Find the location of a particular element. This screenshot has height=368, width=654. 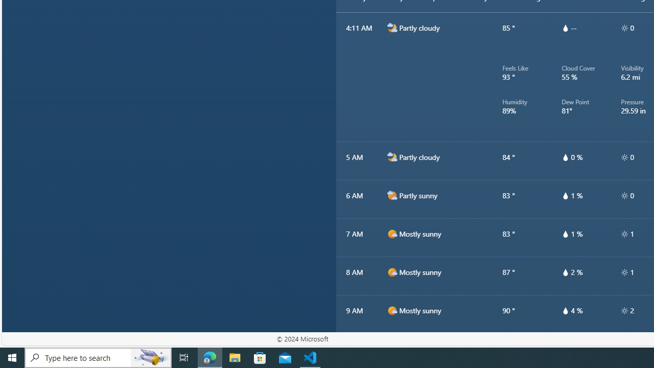

'Task View' is located at coordinates (183, 357).